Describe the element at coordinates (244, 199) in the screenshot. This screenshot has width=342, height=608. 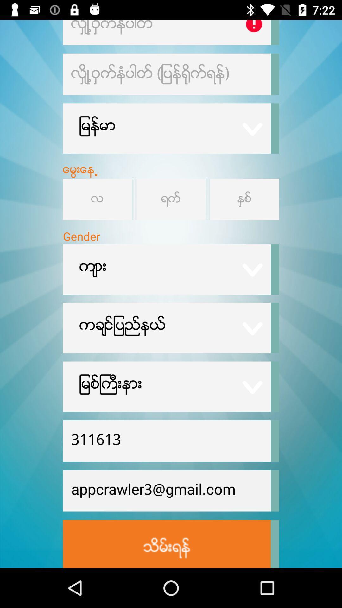
I see `change a profile setting` at that location.